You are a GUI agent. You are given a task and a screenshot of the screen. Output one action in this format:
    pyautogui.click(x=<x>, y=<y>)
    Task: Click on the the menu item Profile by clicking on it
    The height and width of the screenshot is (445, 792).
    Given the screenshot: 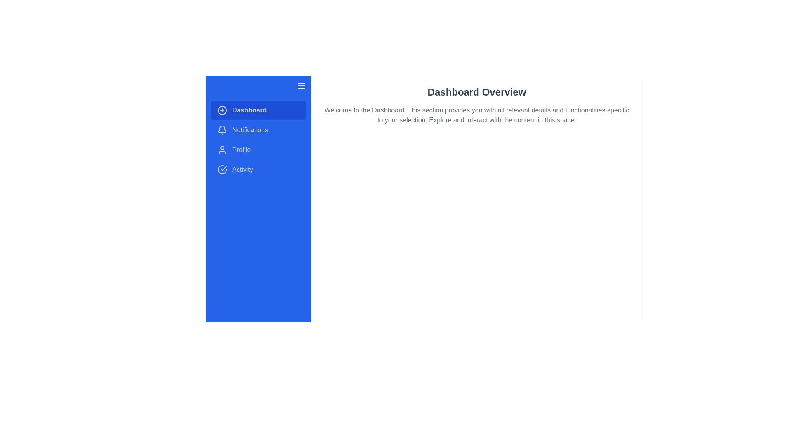 What is the action you would take?
    pyautogui.click(x=258, y=150)
    